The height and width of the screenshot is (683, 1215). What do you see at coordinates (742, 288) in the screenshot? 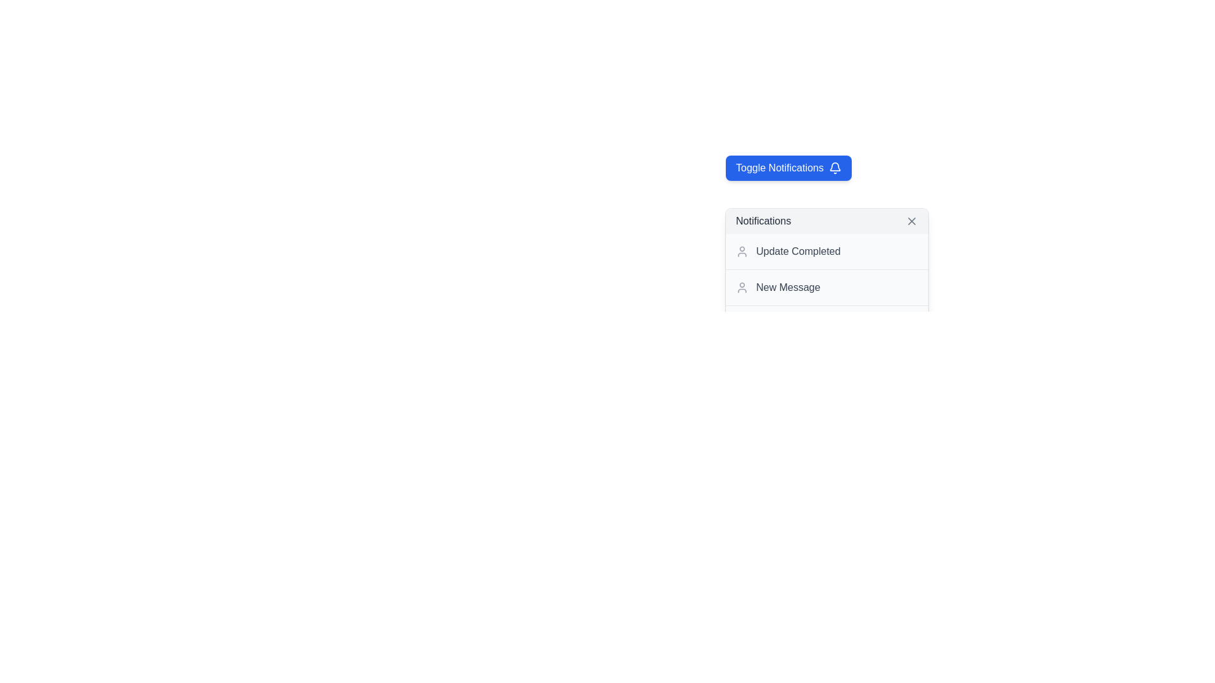
I see `the user silhouette icon in the 'New Message' notification card, which is the second card in the notification list, located to the left of the text 'New Message'` at bounding box center [742, 288].